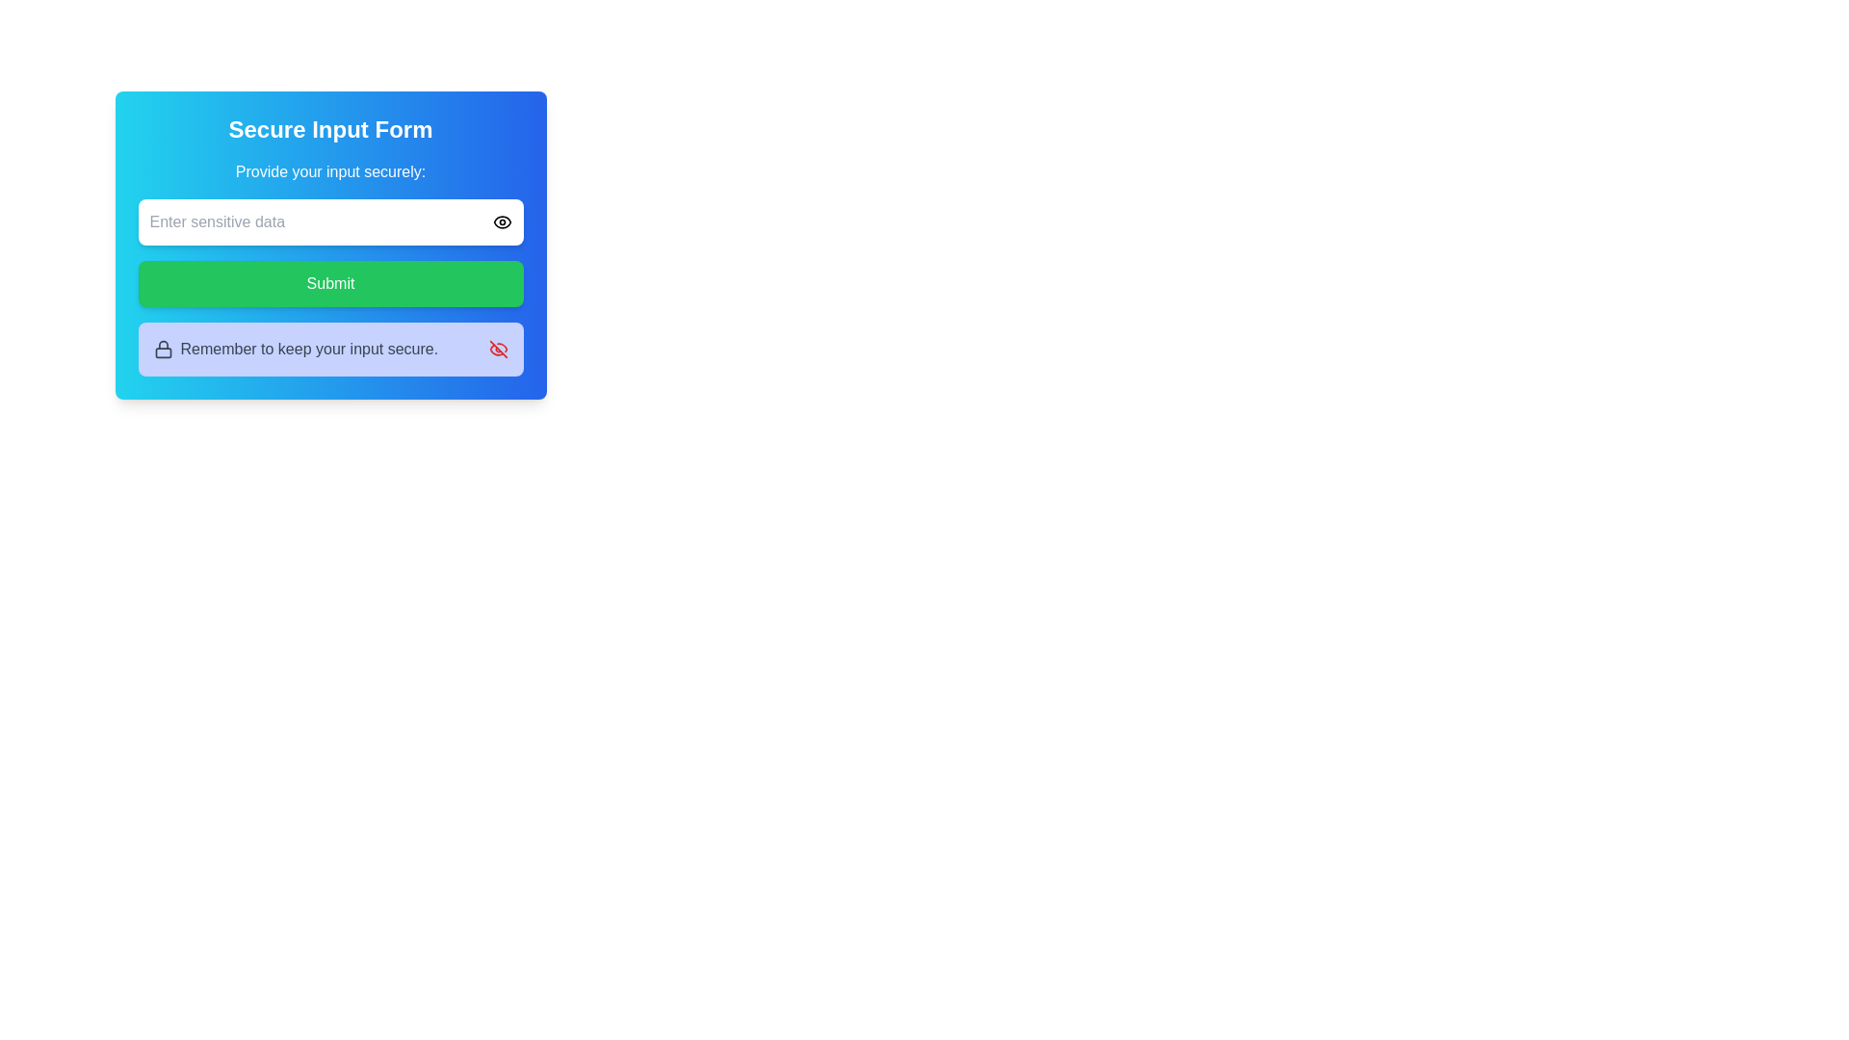 This screenshot has height=1040, width=1849. What do you see at coordinates (502, 221) in the screenshot?
I see `the eye-like icon button` at bounding box center [502, 221].